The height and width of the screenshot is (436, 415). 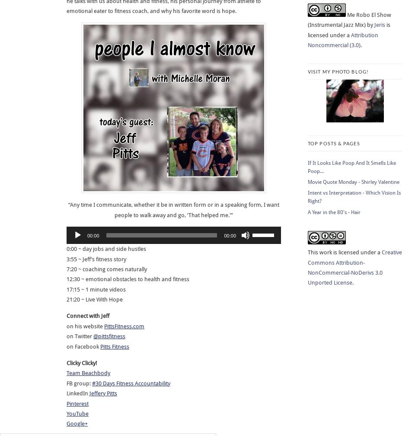 What do you see at coordinates (109, 336) in the screenshot?
I see `'@pittsfitness'` at bounding box center [109, 336].